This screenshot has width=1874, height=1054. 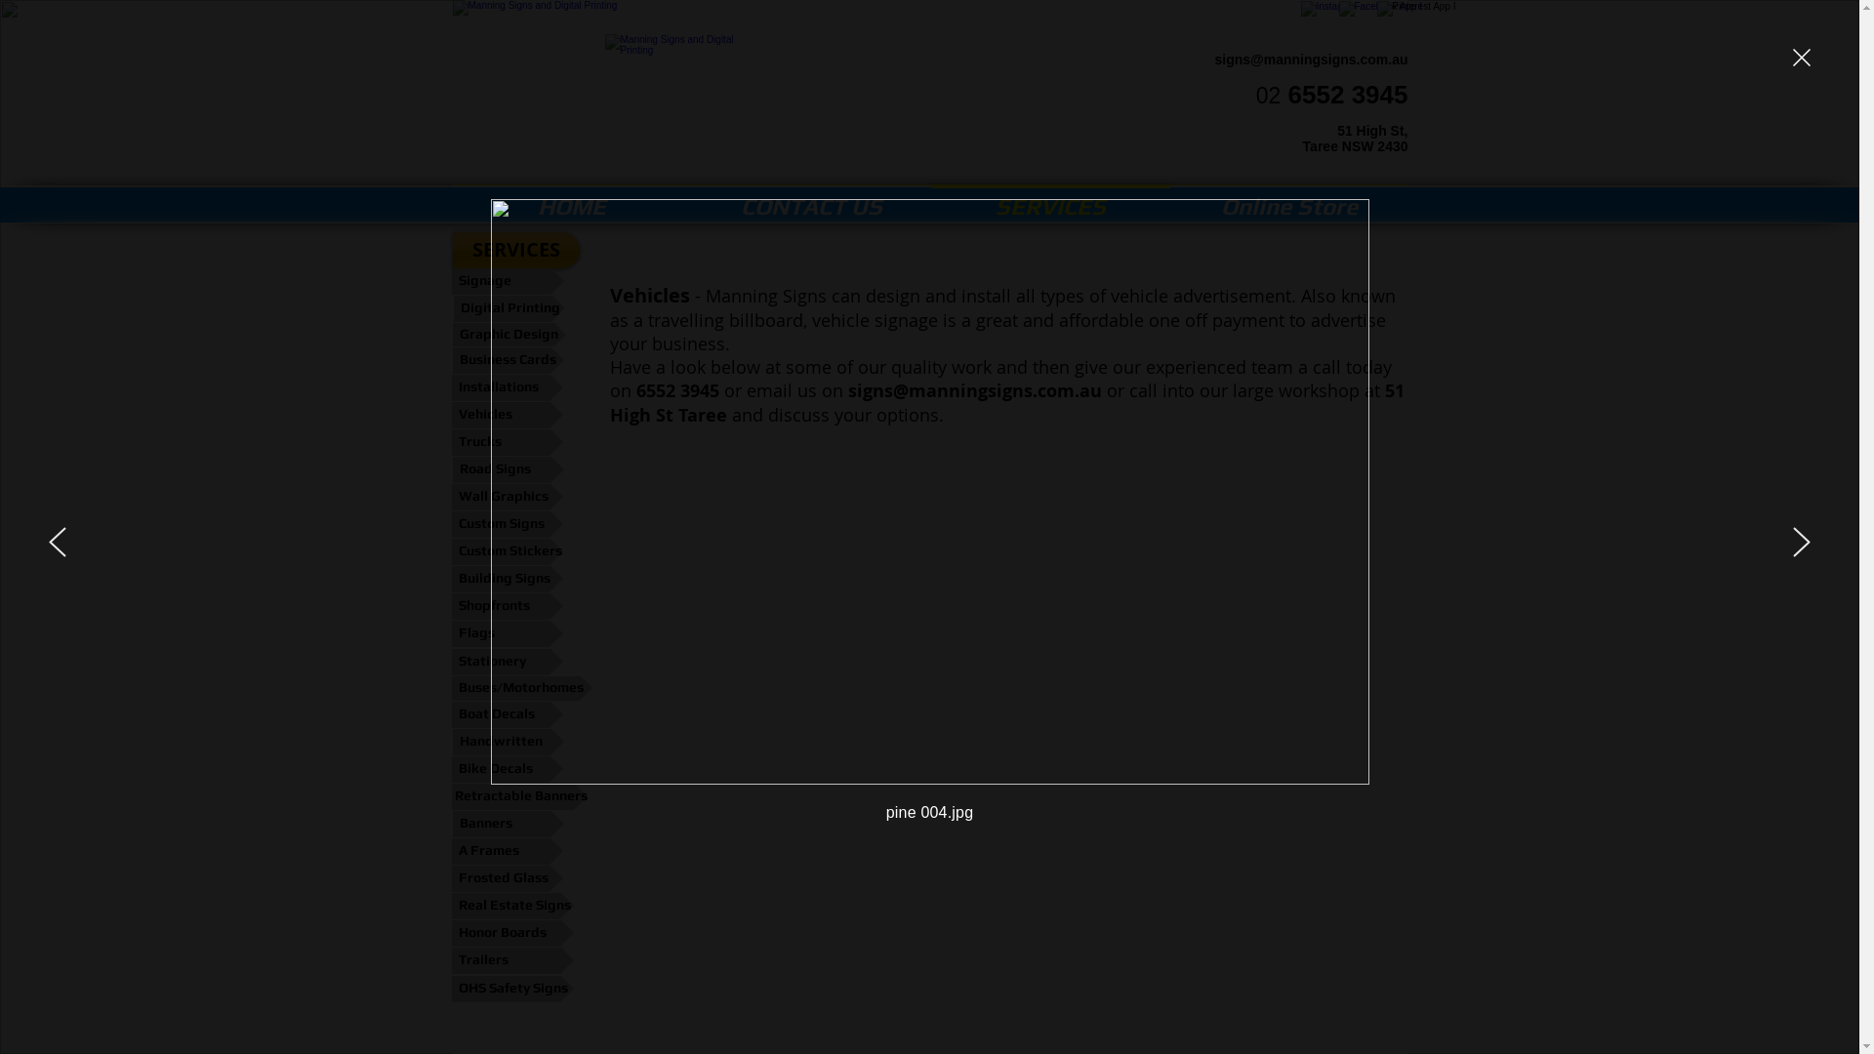 What do you see at coordinates (449, 767) in the screenshot?
I see `'Bike Decals'` at bounding box center [449, 767].